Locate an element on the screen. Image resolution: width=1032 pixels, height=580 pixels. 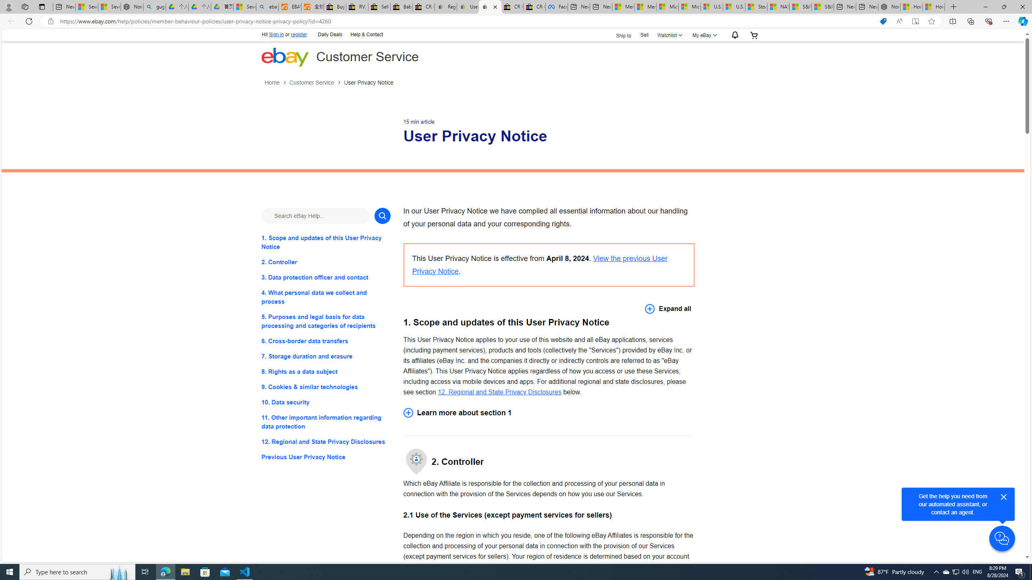
'Sign in' is located at coordinates (276, 34).